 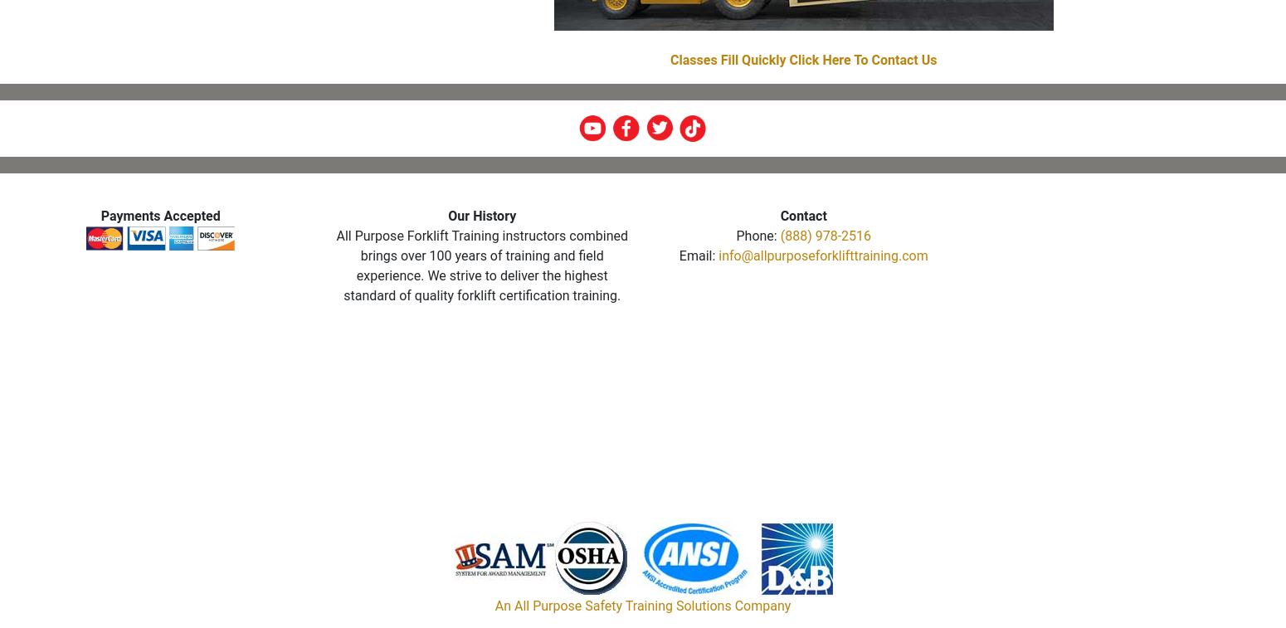 I want to click on 'Contact', so click(x=801, y=215).